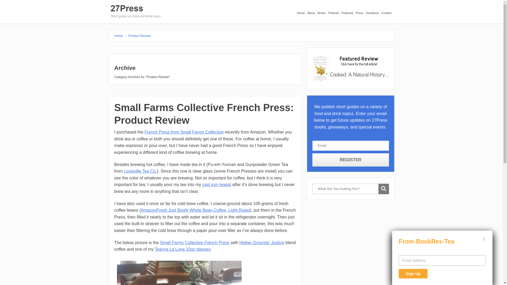  I want to click on 'cast iron teapot', so click(217, 184).